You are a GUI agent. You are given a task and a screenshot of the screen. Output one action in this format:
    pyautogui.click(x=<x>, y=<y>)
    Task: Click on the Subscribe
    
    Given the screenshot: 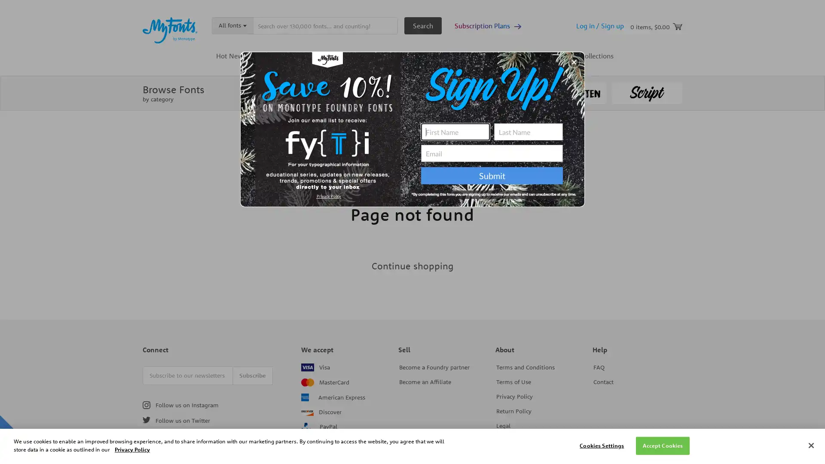 What is the action you would take?
    pyautogui.click(x=252, y=375)
    